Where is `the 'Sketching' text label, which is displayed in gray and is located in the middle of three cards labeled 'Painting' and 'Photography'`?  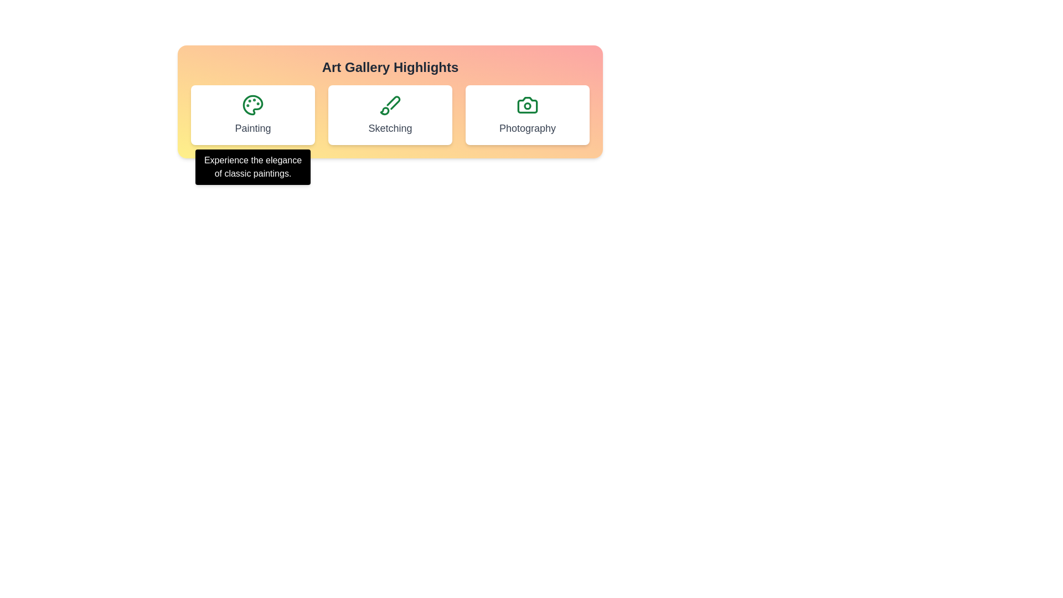 the 'Sketching' text label, which is displayed in gray and is located in the middle of three cards labeled 'Painting' and 'Photography' is located at coordinates (390, 127).